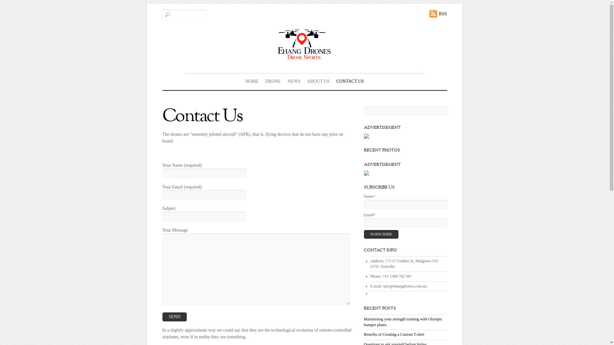 The image size is (614, 345). What do you see at coordinates (318, 81) in the screenshot?
I see `'ABOUT US'` at bounding box center [318, 81].